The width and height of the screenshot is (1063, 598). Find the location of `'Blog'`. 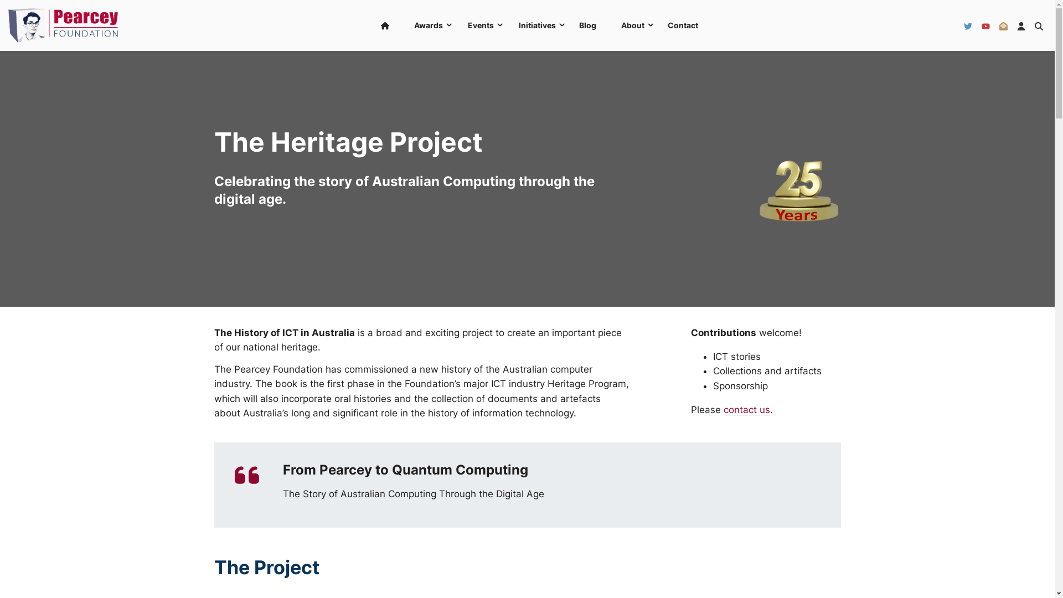

'Blog' is located at coordinates (567, 25).